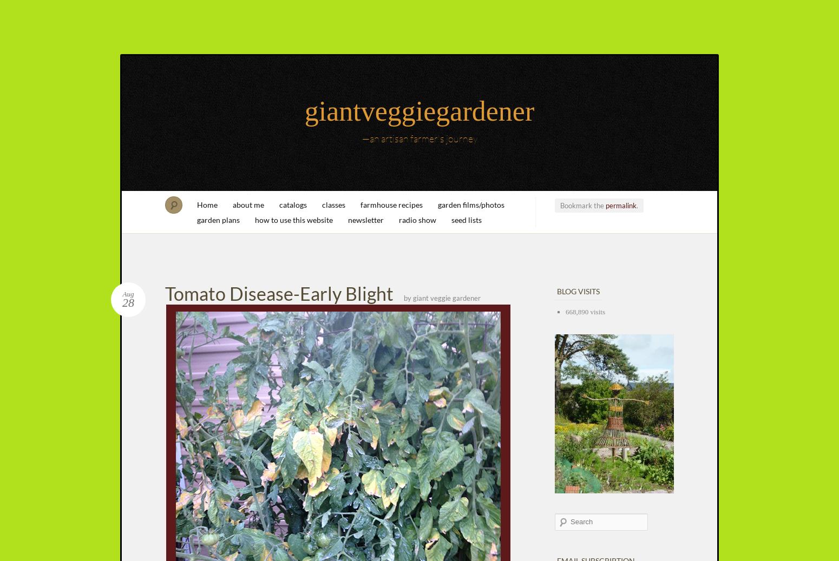 This screenshot has height=561, width=839. I want to click on 'Home', so click(207, 204).